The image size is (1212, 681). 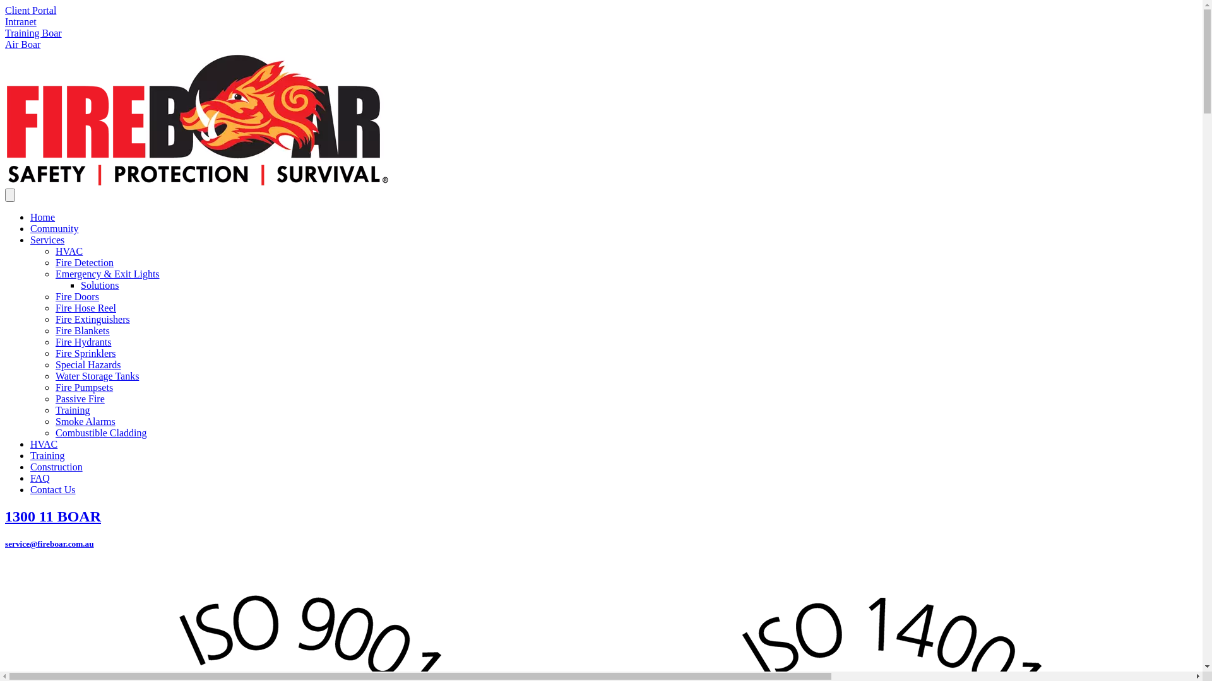 I want to click on 'Smoke Alarms', so click(x=85, y=421).